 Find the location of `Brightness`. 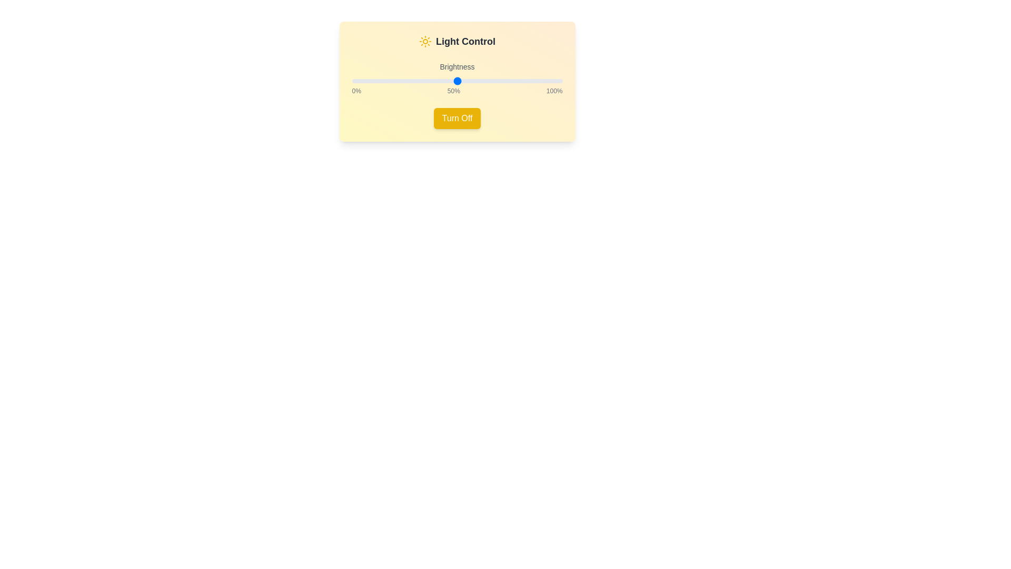

Brightness is located at coordinates (527, 81).